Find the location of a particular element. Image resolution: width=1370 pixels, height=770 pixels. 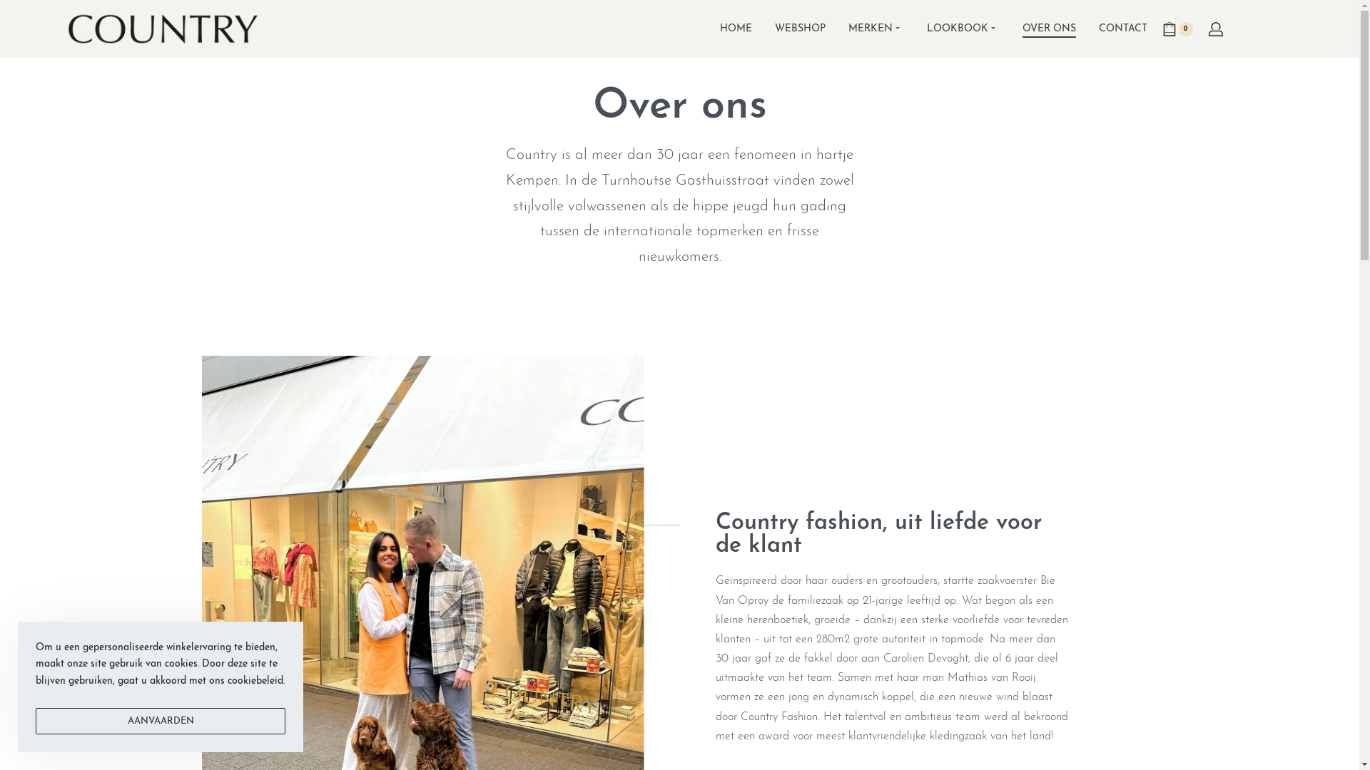

'MERKEN' is located at coordinates (875, 29).